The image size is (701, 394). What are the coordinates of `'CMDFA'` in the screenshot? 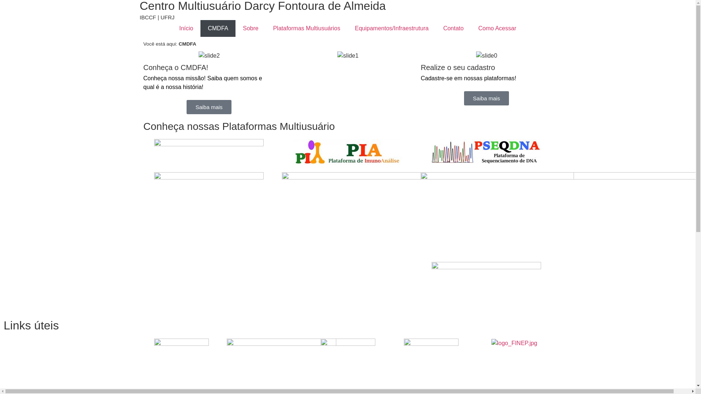 It's located at (200, 28).